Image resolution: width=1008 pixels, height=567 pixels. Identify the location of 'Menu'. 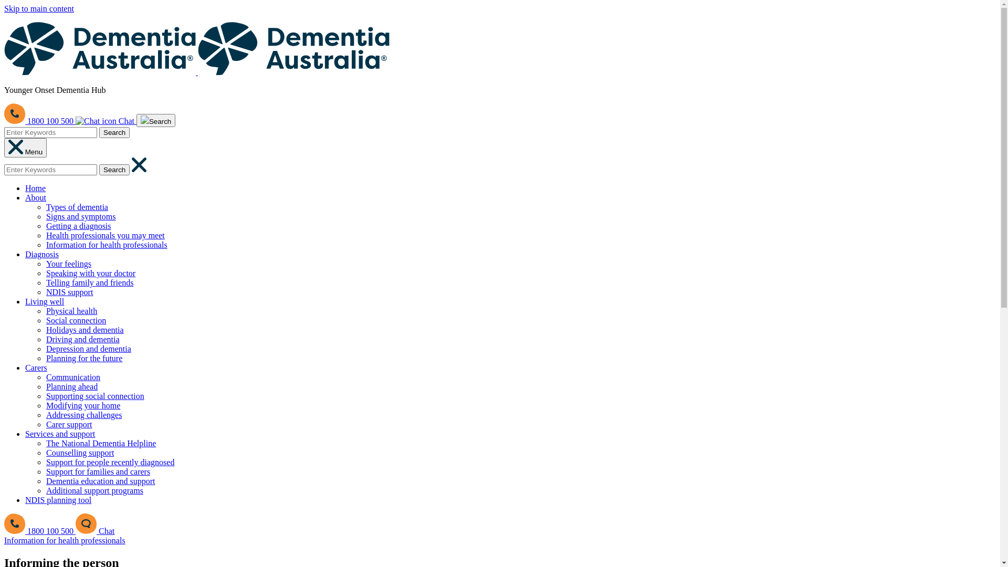
(25, 148).